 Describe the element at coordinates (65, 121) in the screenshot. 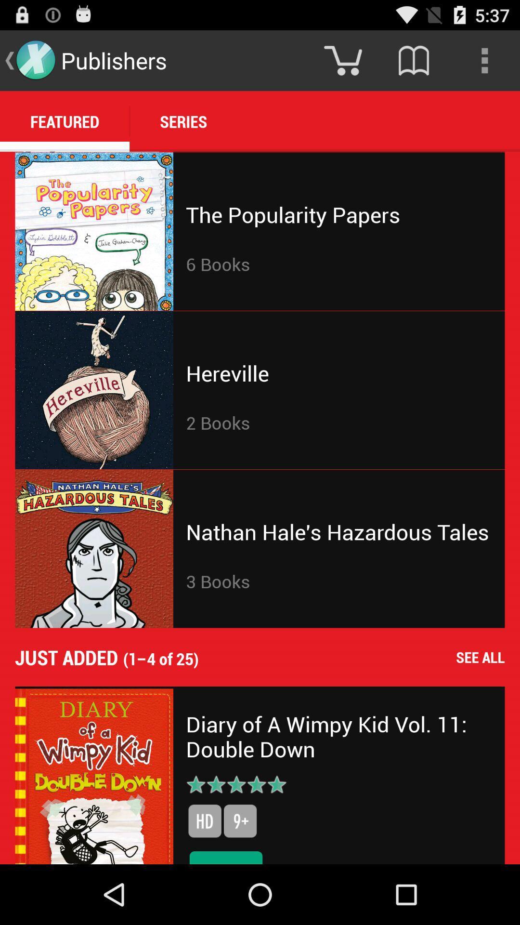

I see `icon next to the series icon` at that location.